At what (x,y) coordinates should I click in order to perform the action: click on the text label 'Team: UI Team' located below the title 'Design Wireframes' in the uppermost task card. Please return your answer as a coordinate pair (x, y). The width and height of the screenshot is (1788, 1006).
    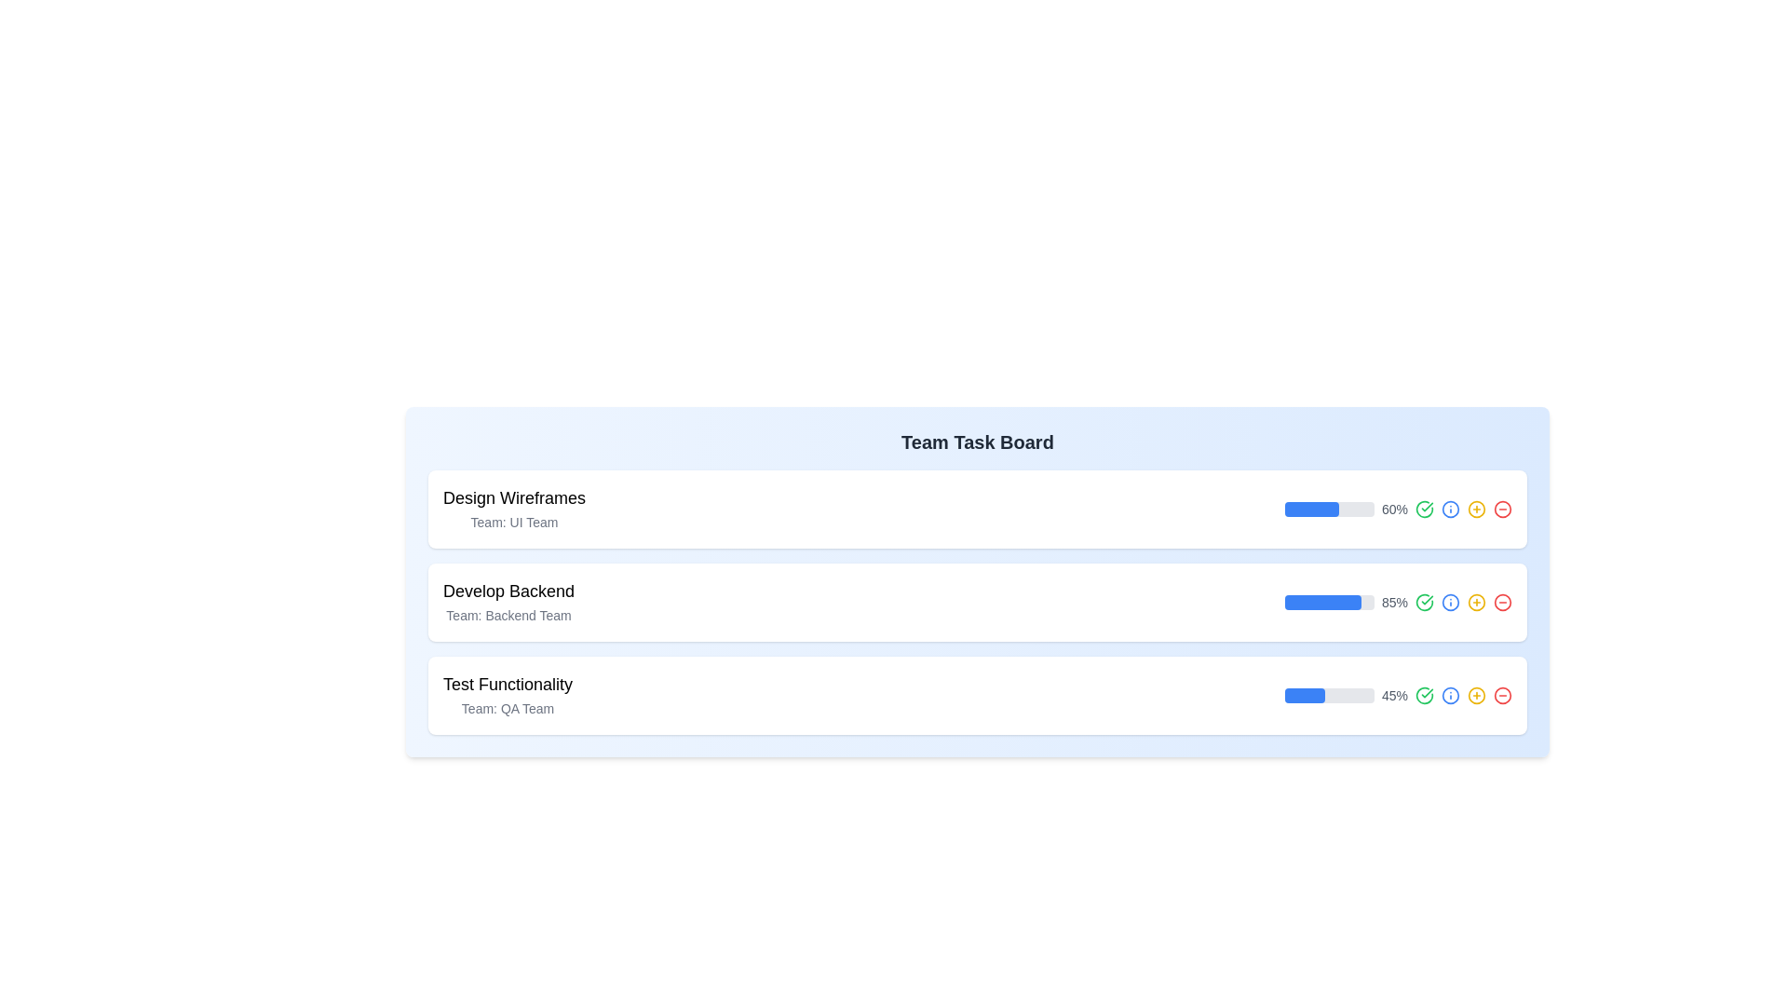
    Looking at the image, I should click on (514, 522).